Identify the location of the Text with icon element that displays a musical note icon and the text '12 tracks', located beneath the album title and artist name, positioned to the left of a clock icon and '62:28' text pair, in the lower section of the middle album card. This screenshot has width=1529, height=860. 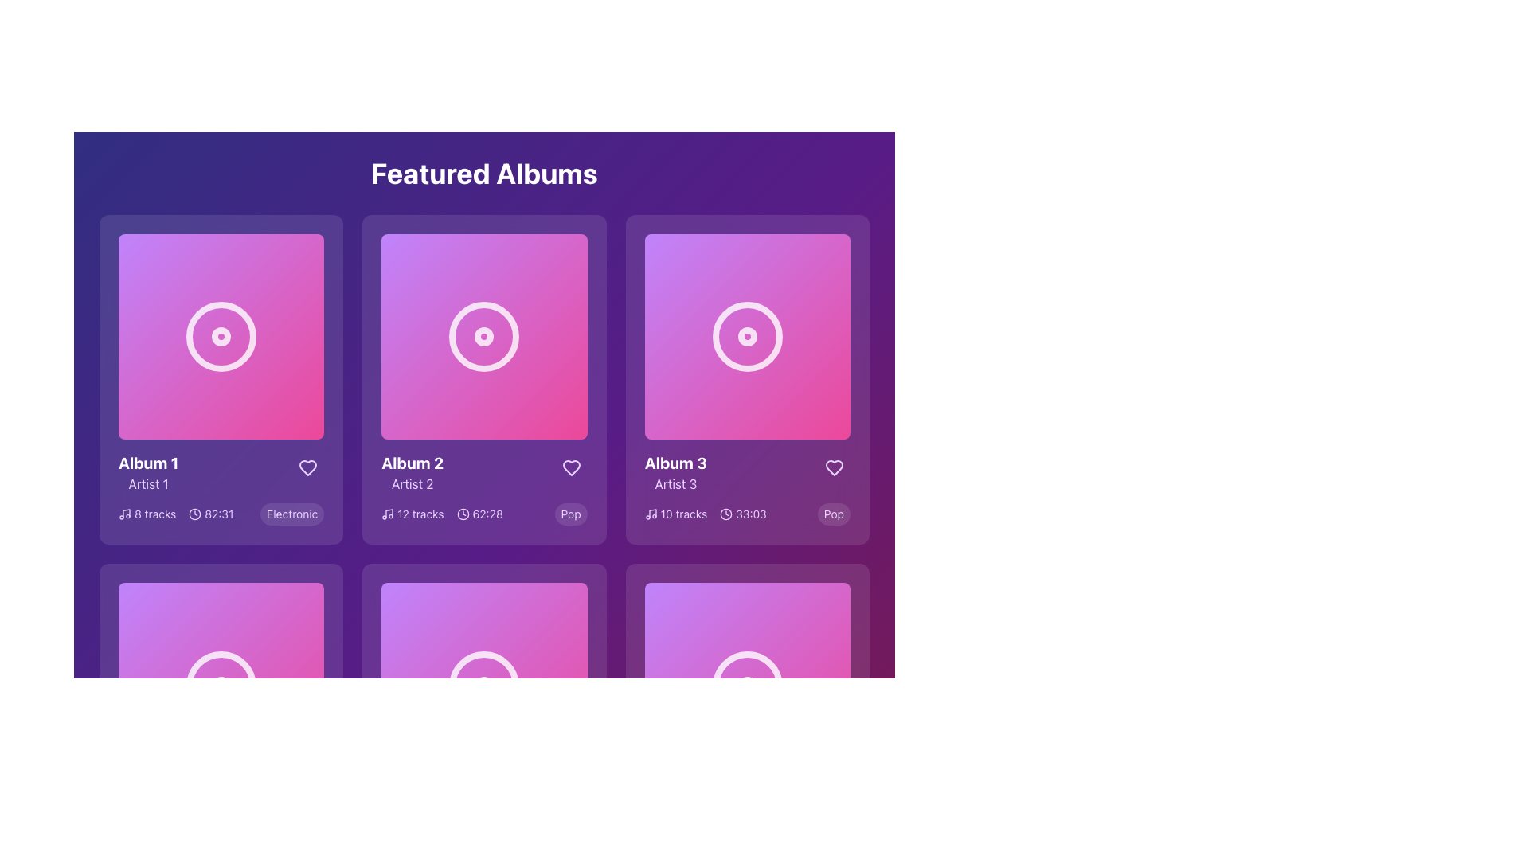
(413, 514).